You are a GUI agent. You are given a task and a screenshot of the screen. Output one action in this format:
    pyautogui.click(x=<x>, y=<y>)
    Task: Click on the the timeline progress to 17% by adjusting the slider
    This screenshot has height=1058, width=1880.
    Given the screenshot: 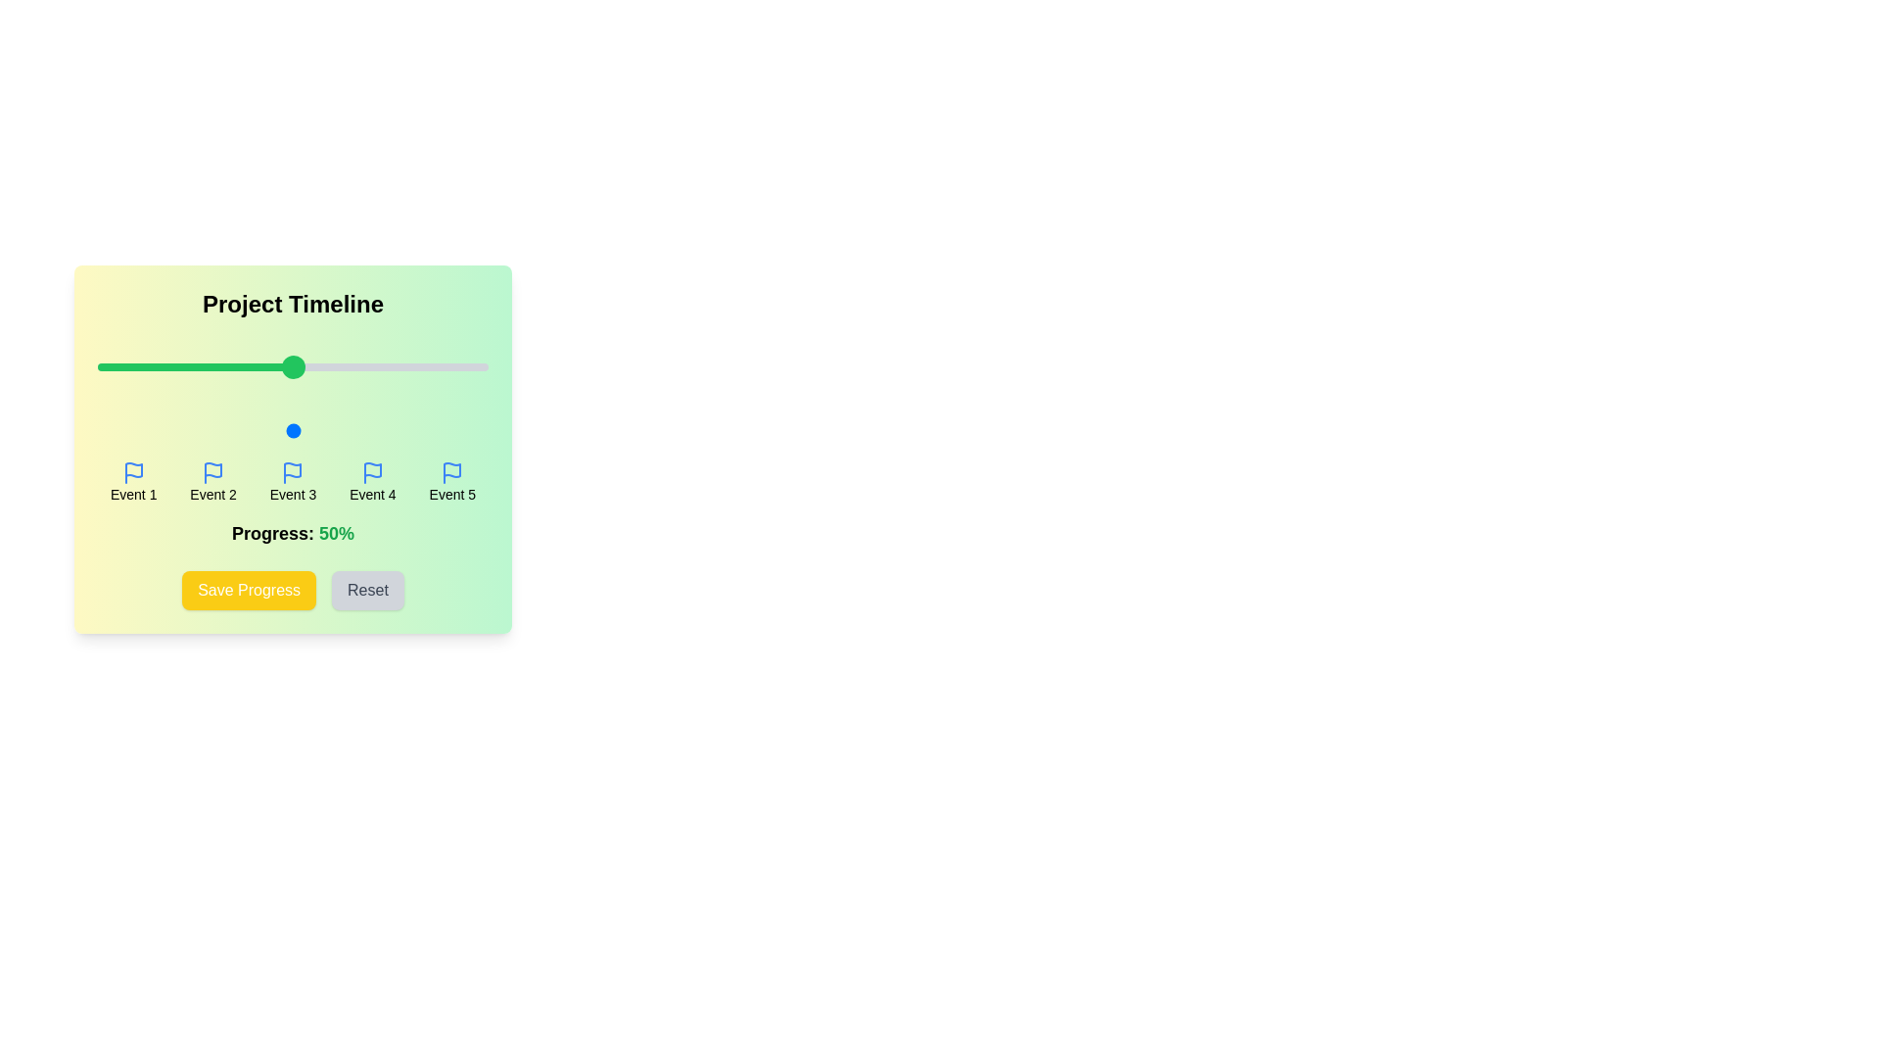 What is the action you would take?
    pyautogui.click(x=164, y=429)
    